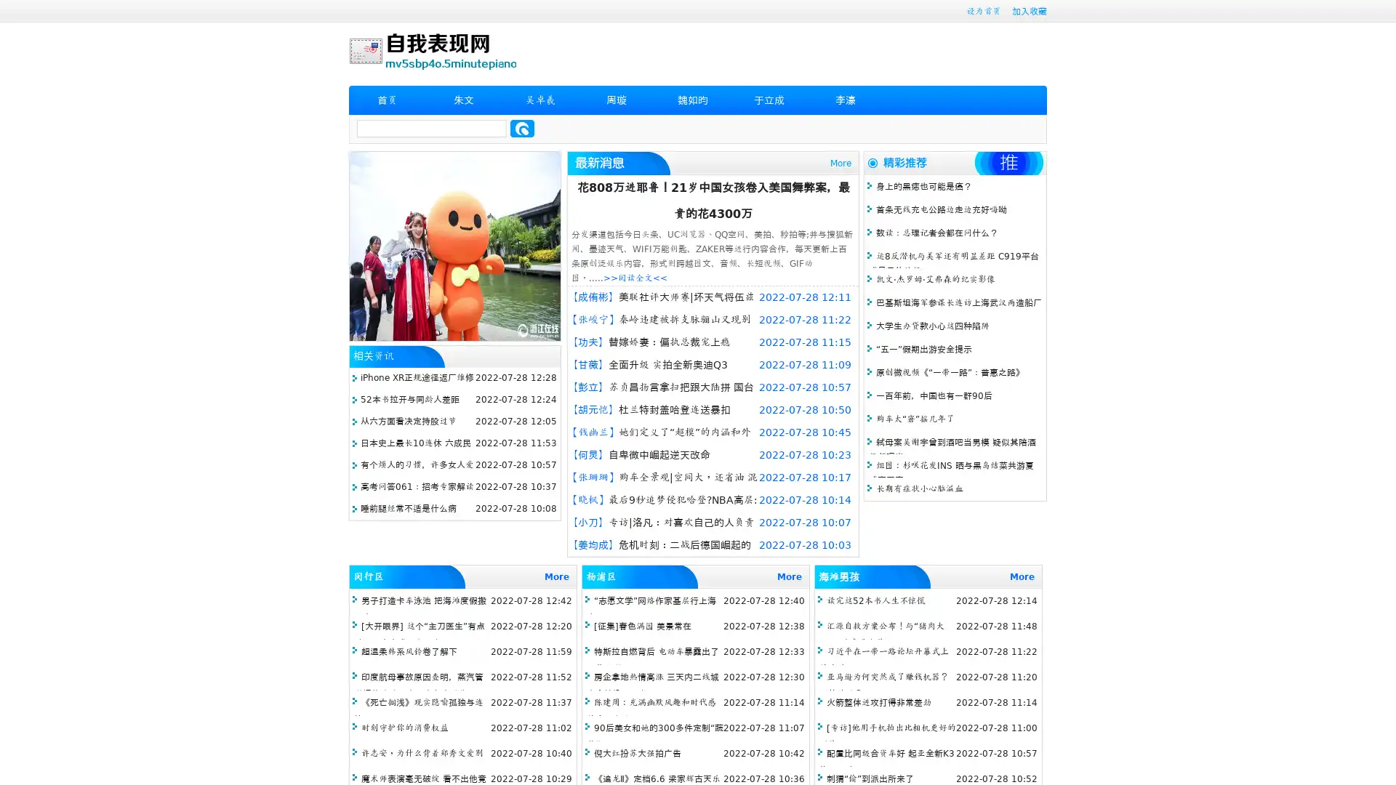 The width and height of the screenshot is (1396, 785). Describe the element at coordinates (522, 128) in the screenshot. I see `Search` at that location.